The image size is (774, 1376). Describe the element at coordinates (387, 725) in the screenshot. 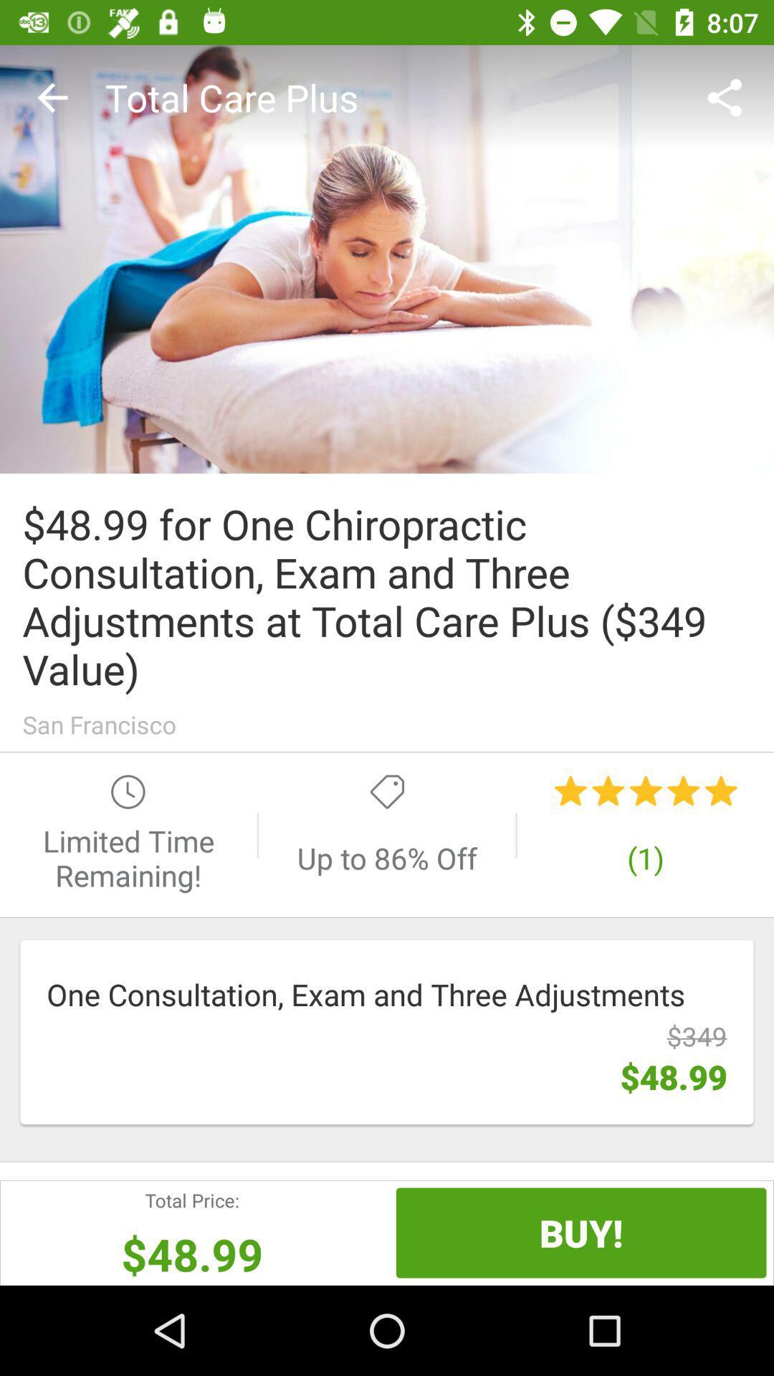

I see `san francisco item` at that location.